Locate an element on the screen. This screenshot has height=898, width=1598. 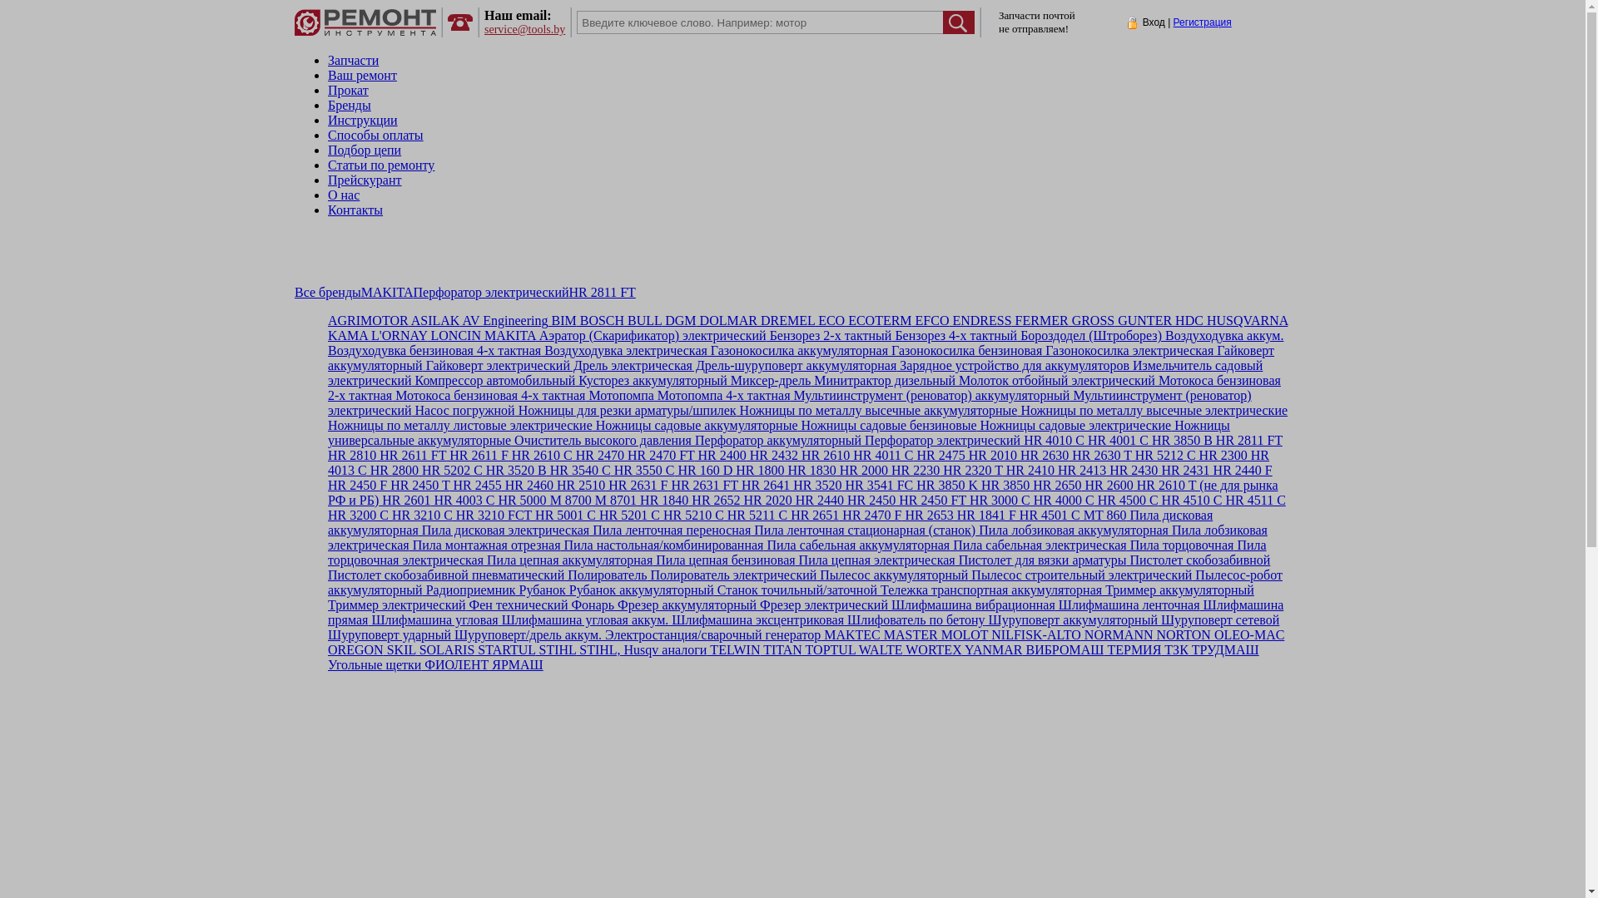
'HR 2320 T' is located at coordinates (939, 470).